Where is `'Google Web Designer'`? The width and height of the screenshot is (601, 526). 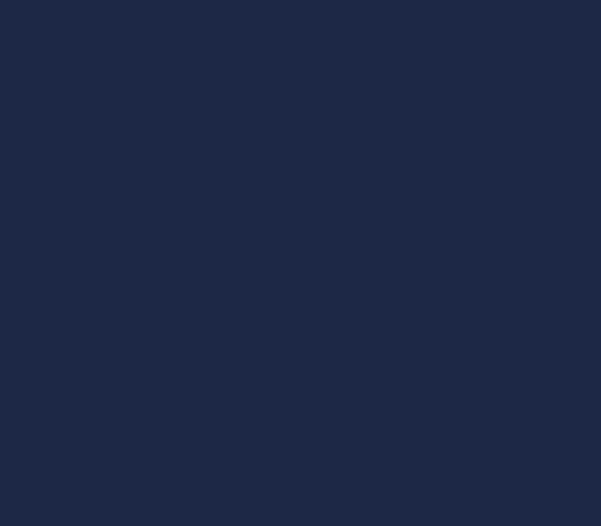
'Google Web Designer' is located at coordinates (229, 199).